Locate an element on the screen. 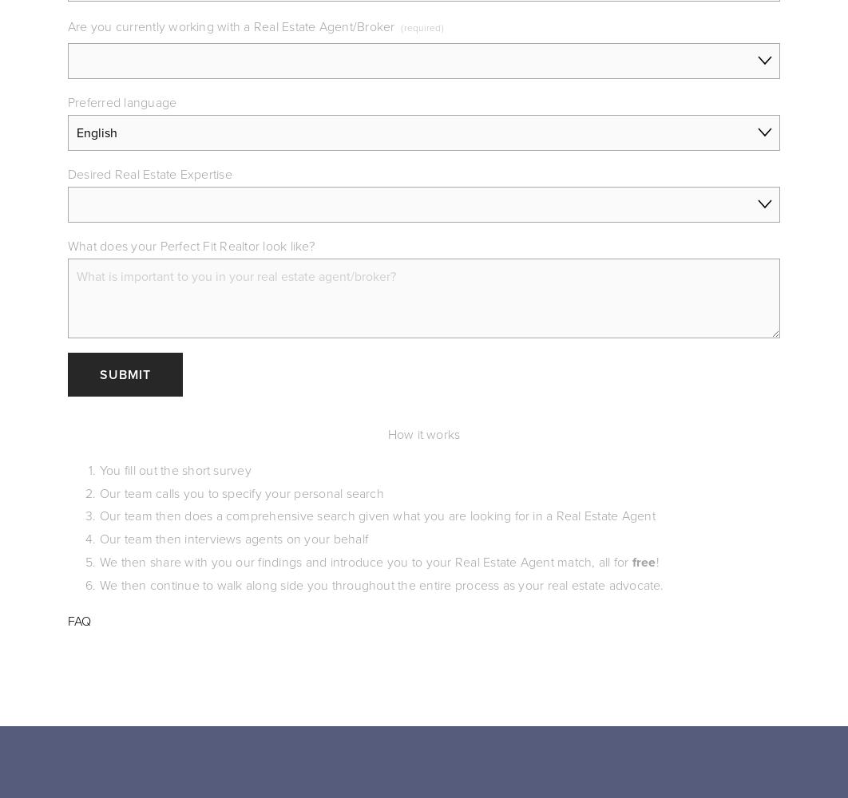 The image size is (848, 798). '(required)' is located at coordinates (421, 27).